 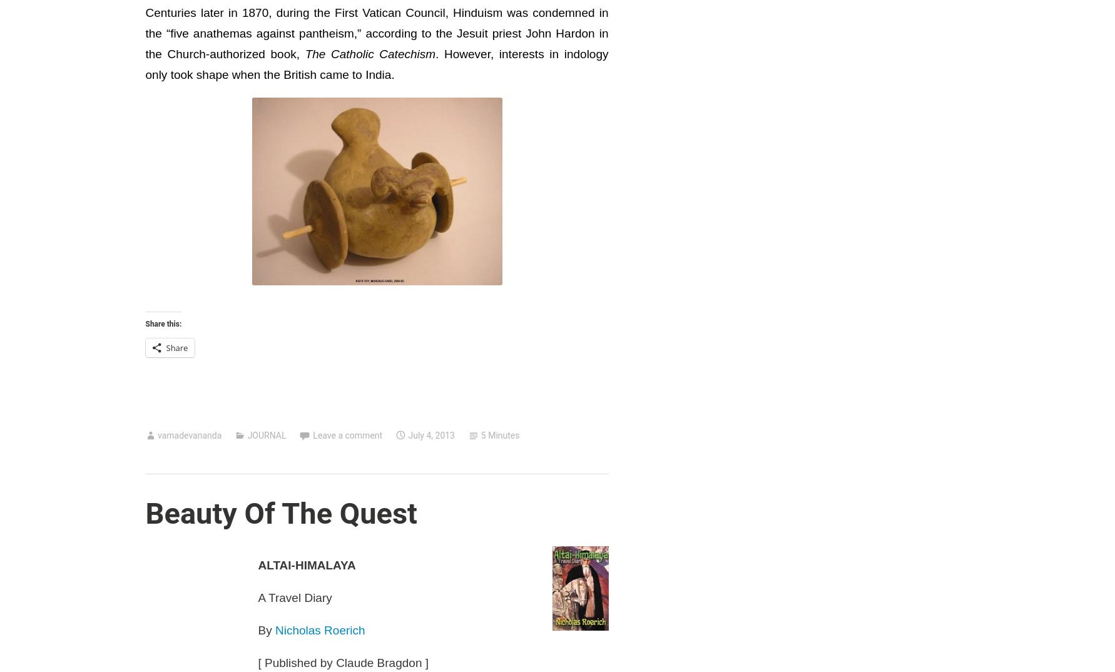 I want to click on 'July 4, 2013', so click(x=430, y=434).